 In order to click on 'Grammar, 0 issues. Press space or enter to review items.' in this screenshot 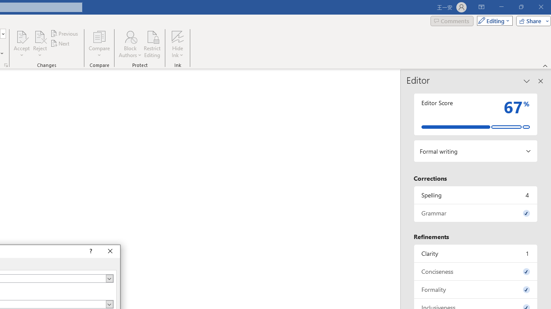, I will do `click(475, 212)`.